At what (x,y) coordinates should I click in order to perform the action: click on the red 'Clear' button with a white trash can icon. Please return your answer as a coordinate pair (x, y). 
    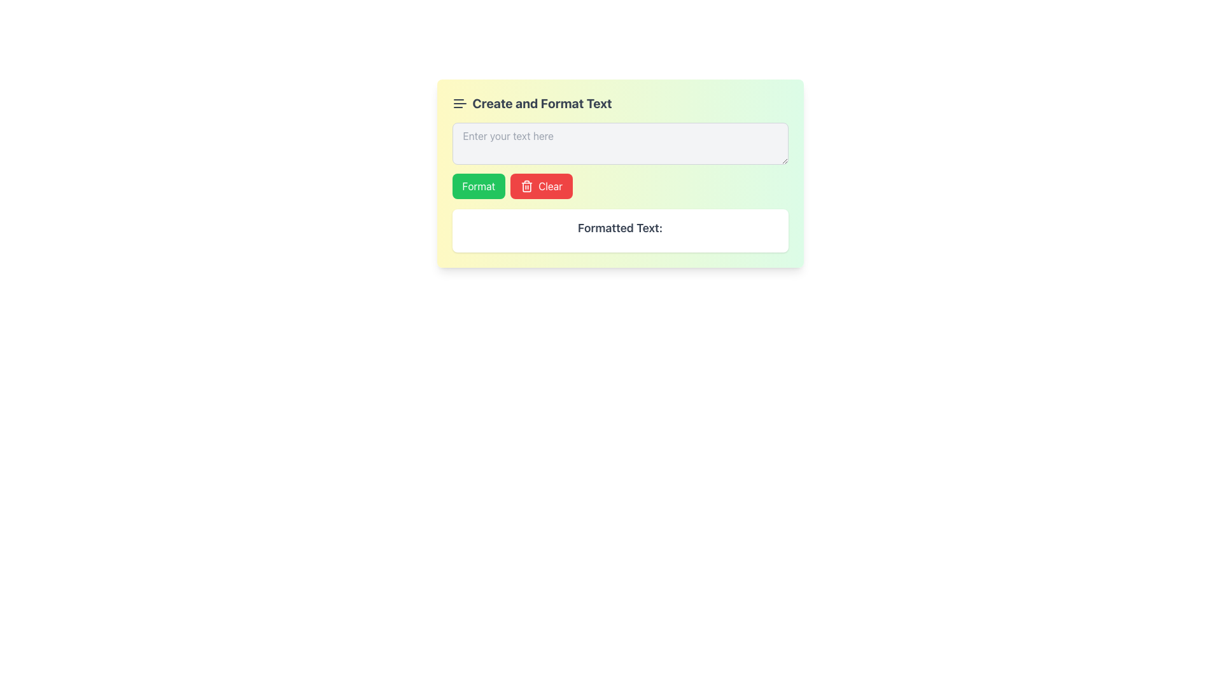
    Looking at the image, I should click on (542, 186).